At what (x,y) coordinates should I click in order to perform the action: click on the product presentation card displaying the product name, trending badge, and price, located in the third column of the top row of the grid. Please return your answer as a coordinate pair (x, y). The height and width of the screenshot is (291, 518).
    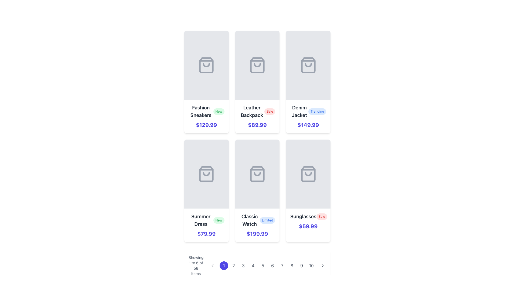
    Looking at the image, I should click on (308, 116).